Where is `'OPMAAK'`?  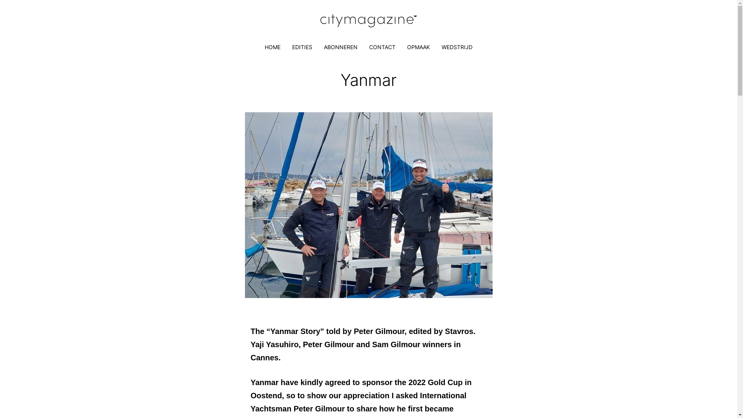 'OPMAAK' is located at coordinates (418, 47).